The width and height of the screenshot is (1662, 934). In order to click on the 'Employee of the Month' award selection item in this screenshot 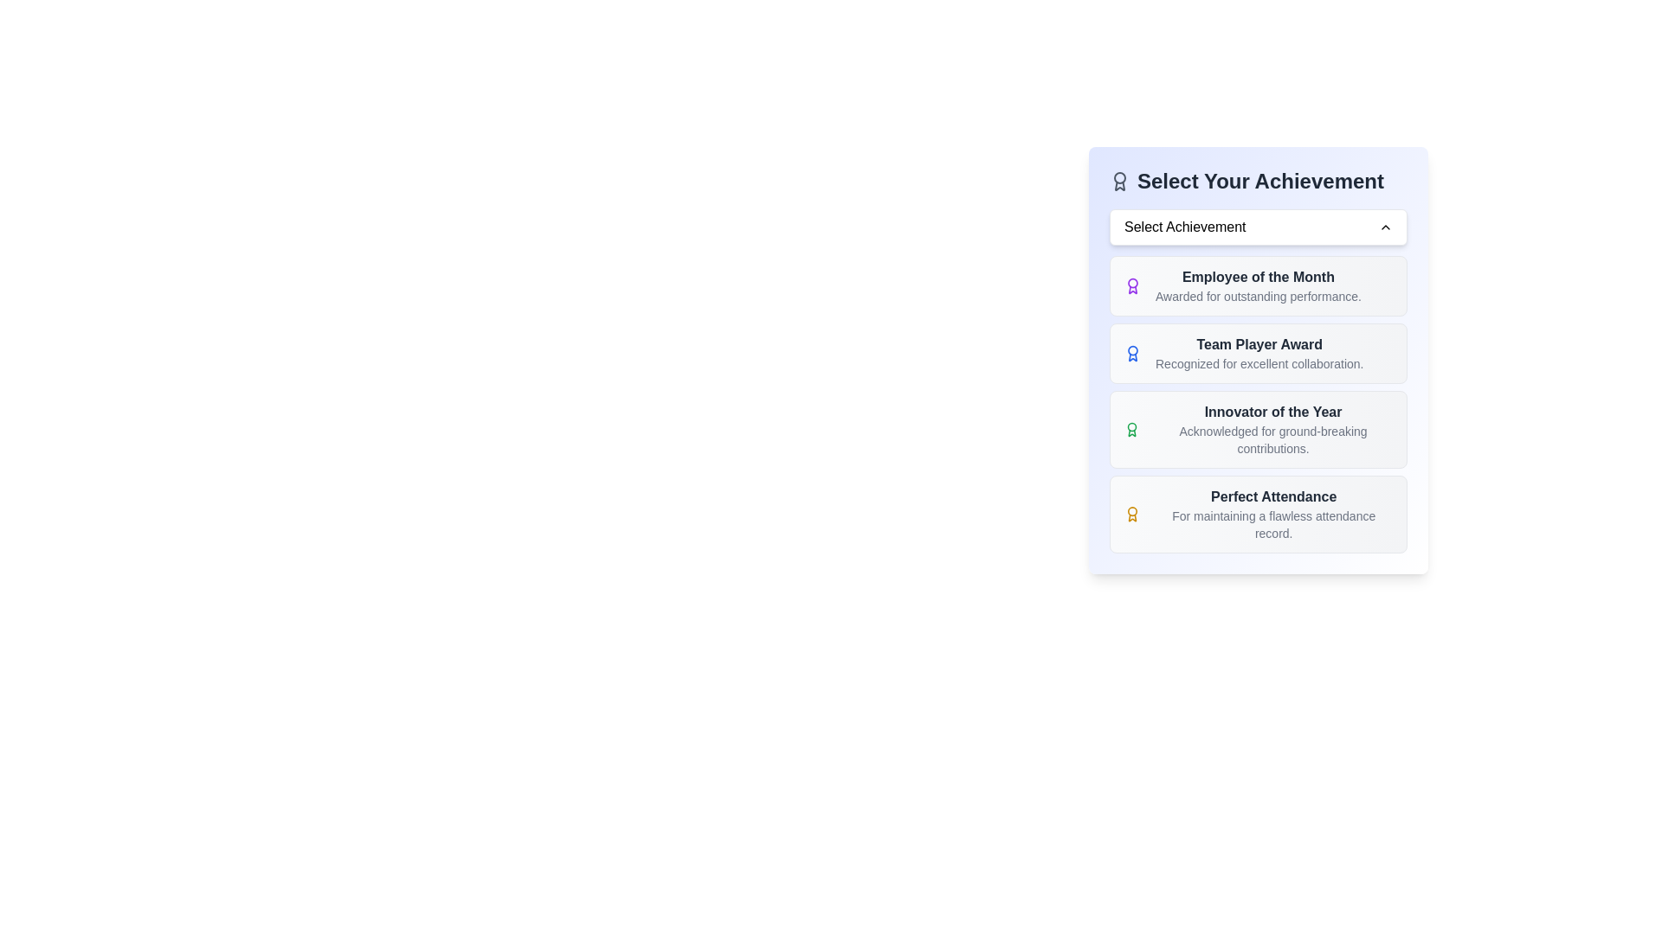, I will do `click(1259, 285)`.